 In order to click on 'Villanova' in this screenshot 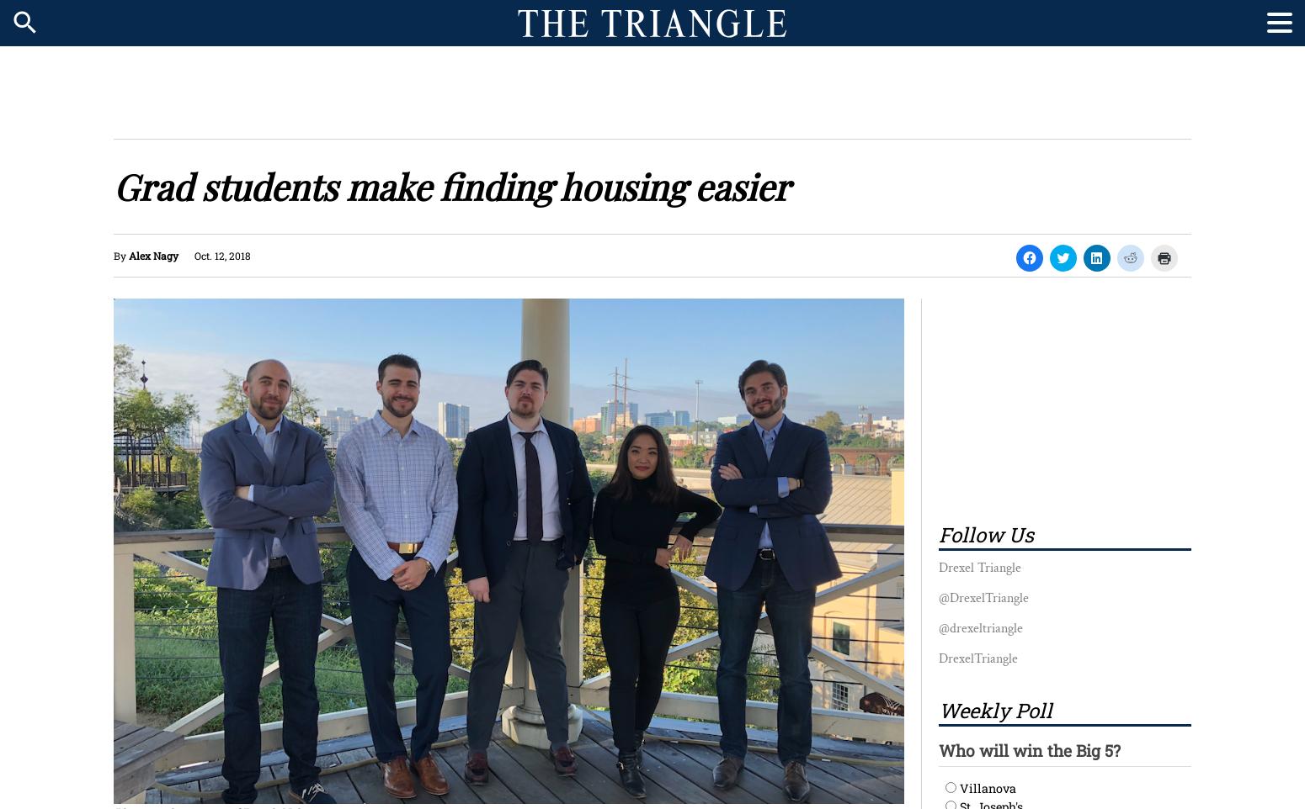, I will do `click(959, 787)`.